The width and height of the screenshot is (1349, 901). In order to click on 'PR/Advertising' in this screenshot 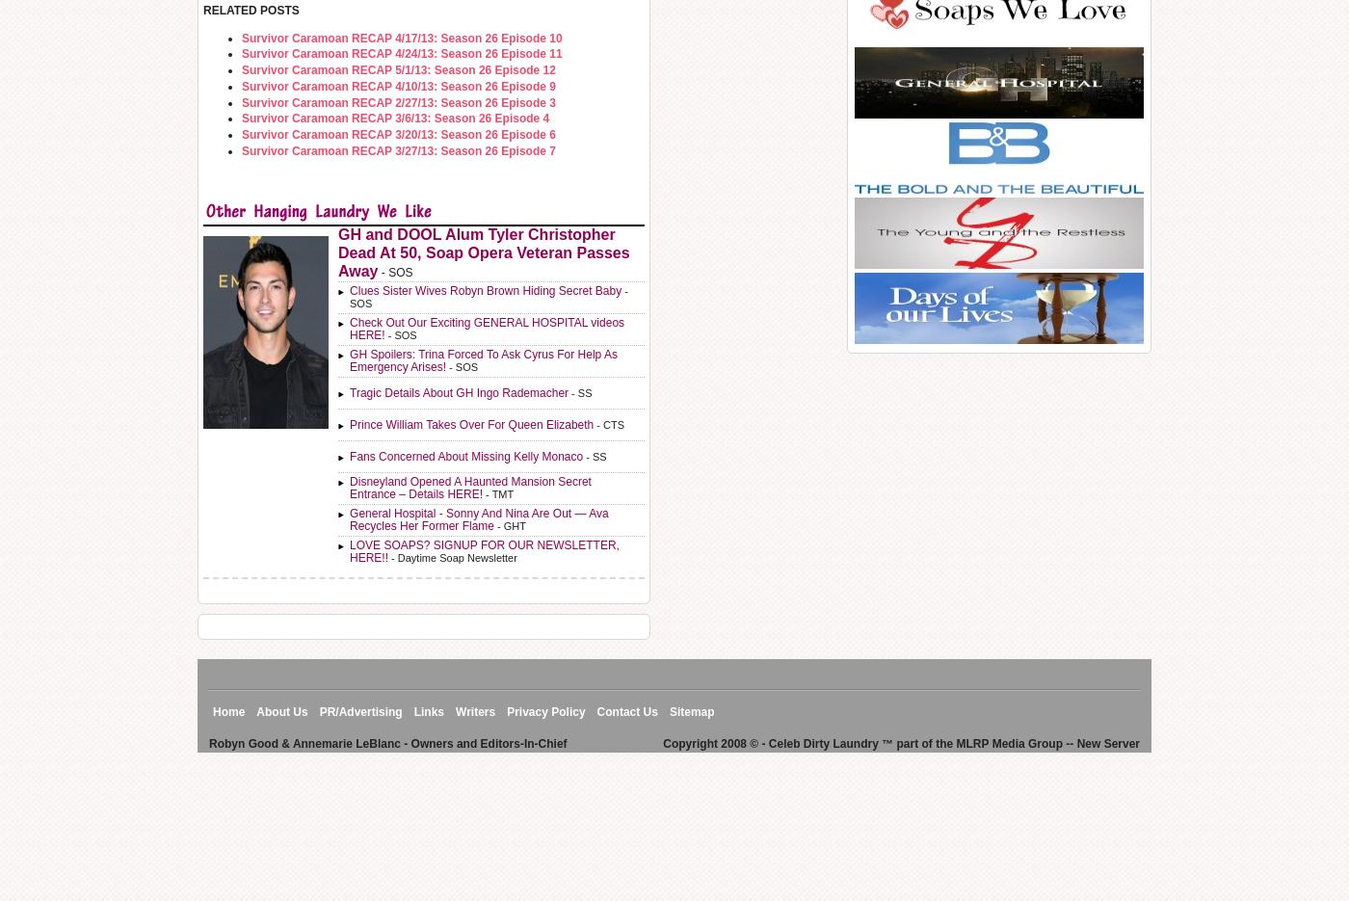, I will do `click(358, 712)`.